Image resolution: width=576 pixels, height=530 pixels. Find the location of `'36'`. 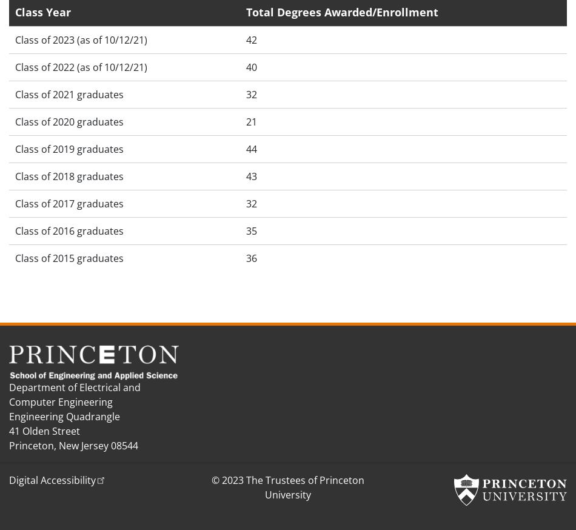

'36' is located at coordinates (250, 258).